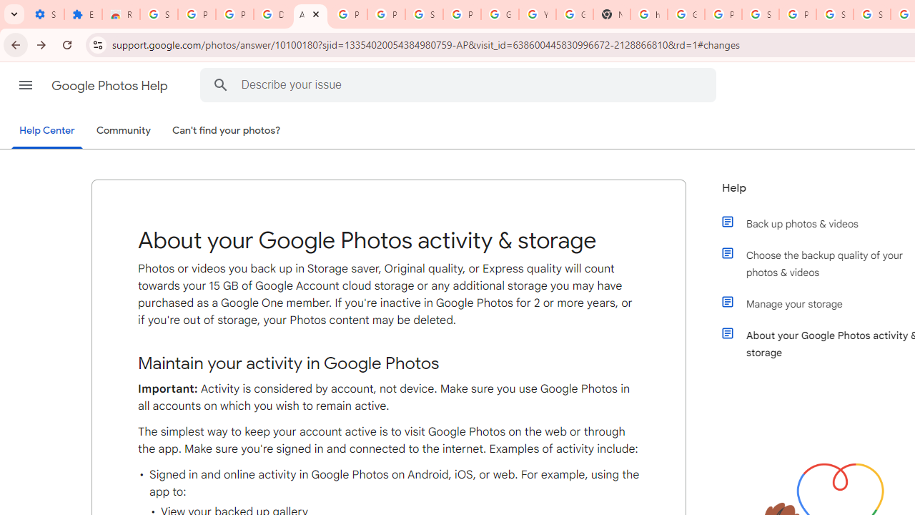 The width and height of the screenshot is (915, 515). What do you see at coordinates (500, 14) in the screenshot?
I see `'Google Account'` at bounding box center [500, 14].